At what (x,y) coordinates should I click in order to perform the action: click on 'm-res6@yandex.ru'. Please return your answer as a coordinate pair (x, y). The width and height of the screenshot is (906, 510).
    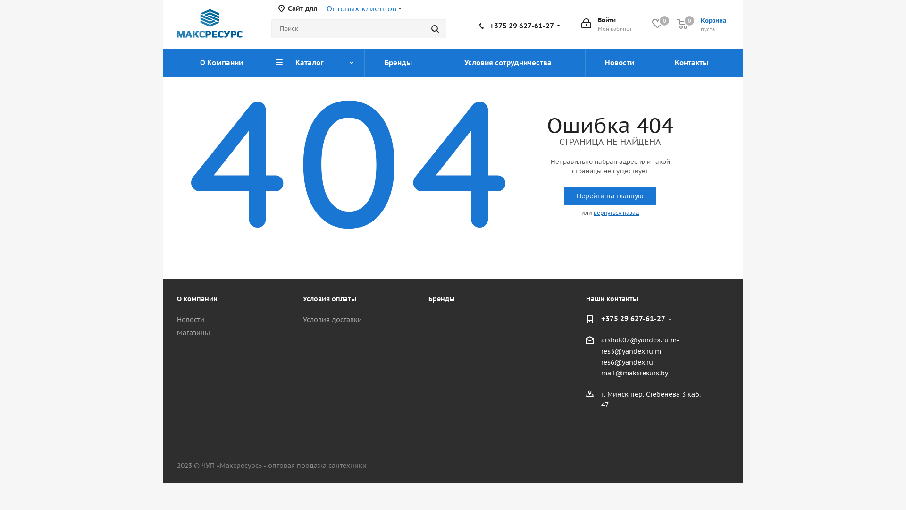
    Looking at the image, I should click on (600, 357).